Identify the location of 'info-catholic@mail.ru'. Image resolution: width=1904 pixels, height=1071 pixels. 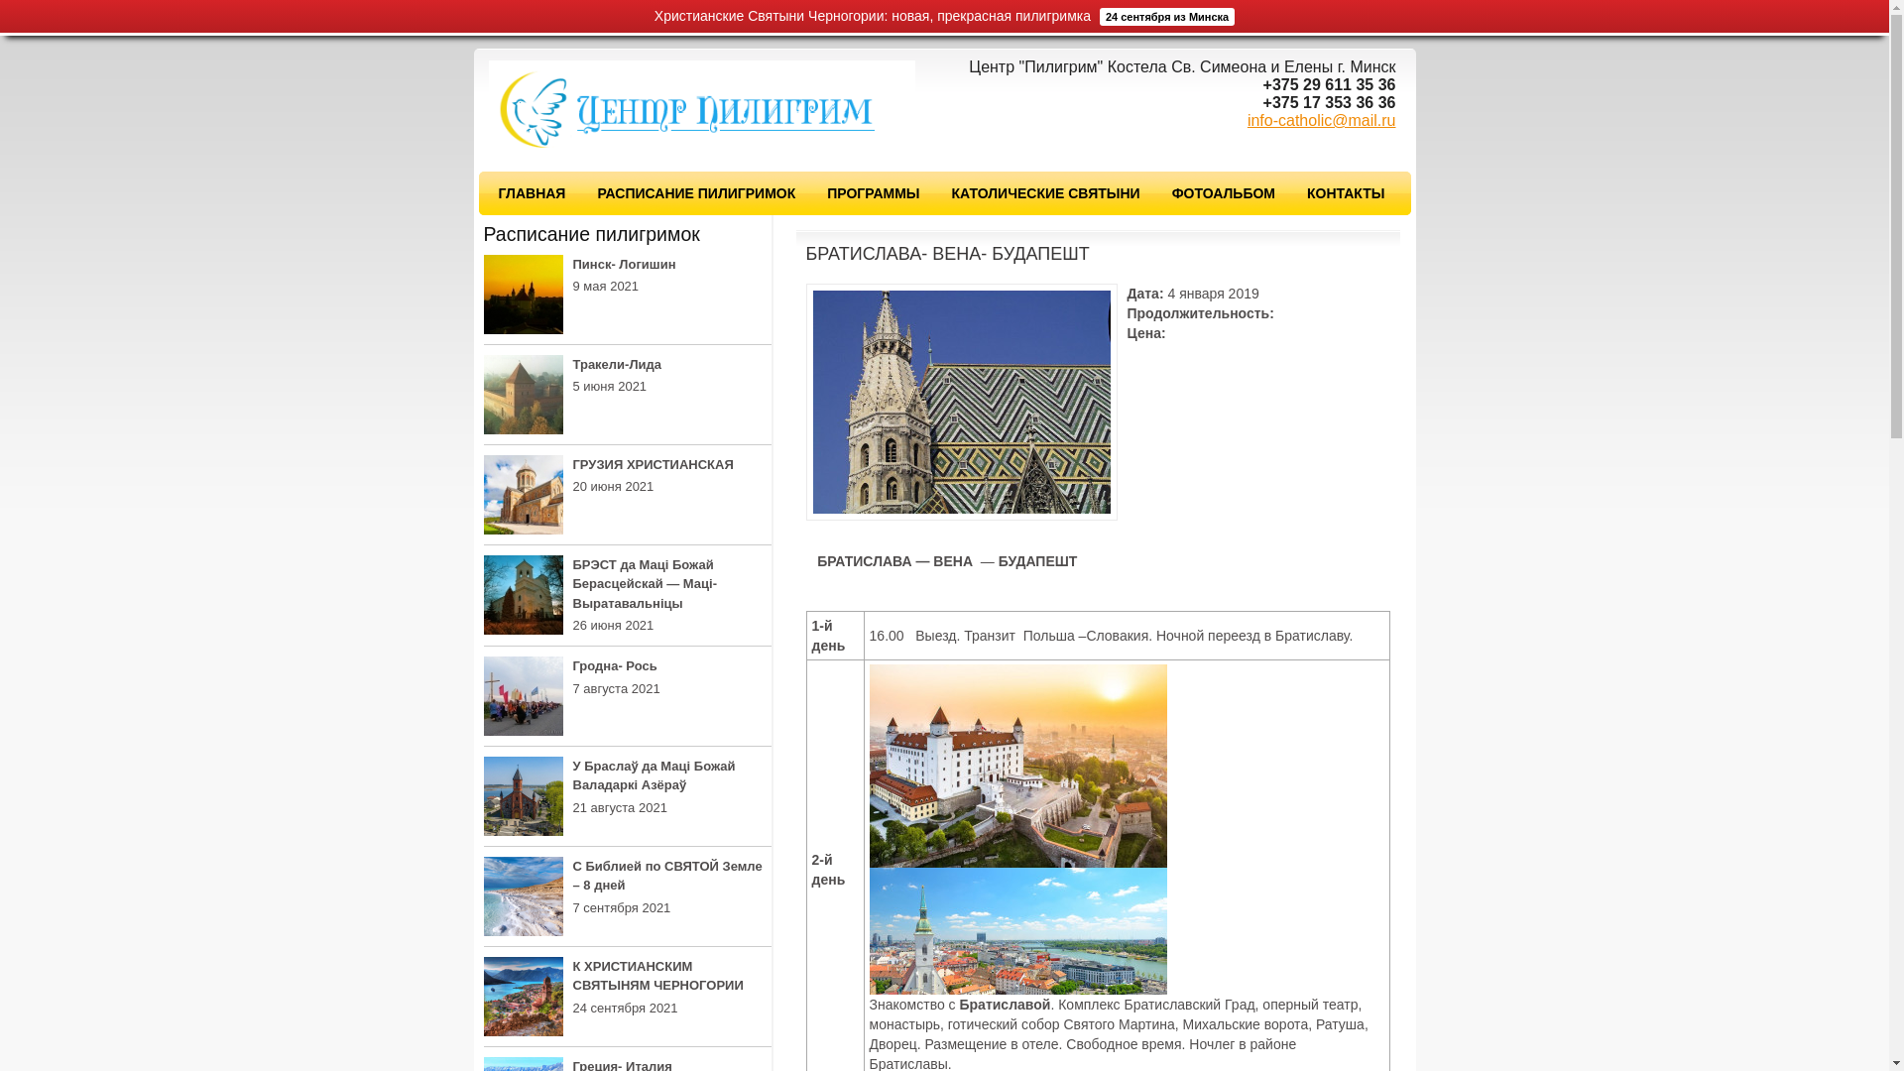
(1322, 120).